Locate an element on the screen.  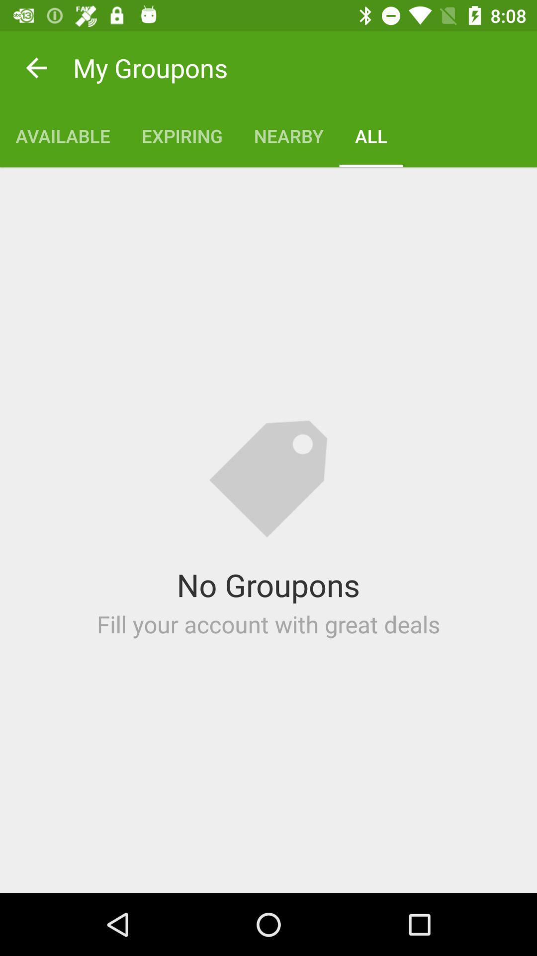
the all item is located at coordinates (371, 135).